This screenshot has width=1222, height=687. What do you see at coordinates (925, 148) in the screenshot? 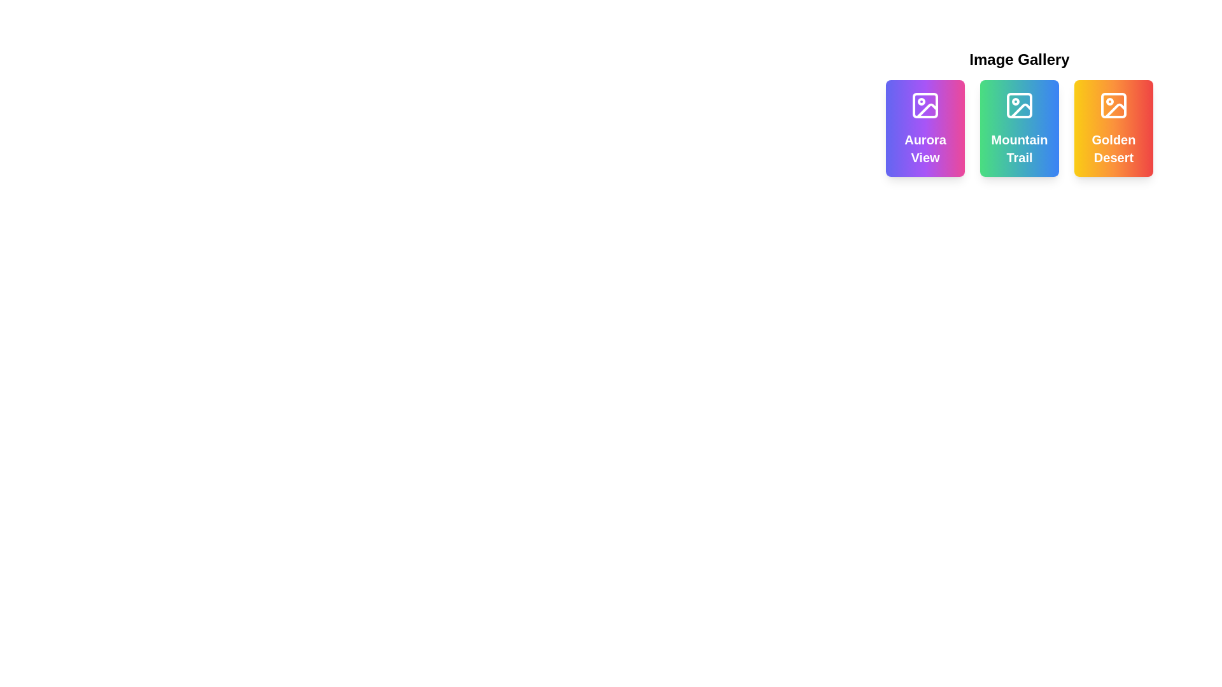
I see `text displayed in the text component labeled 'Aurora View', which is centered within a vibrant gradient-colored card` at bounding box center [925, 148].